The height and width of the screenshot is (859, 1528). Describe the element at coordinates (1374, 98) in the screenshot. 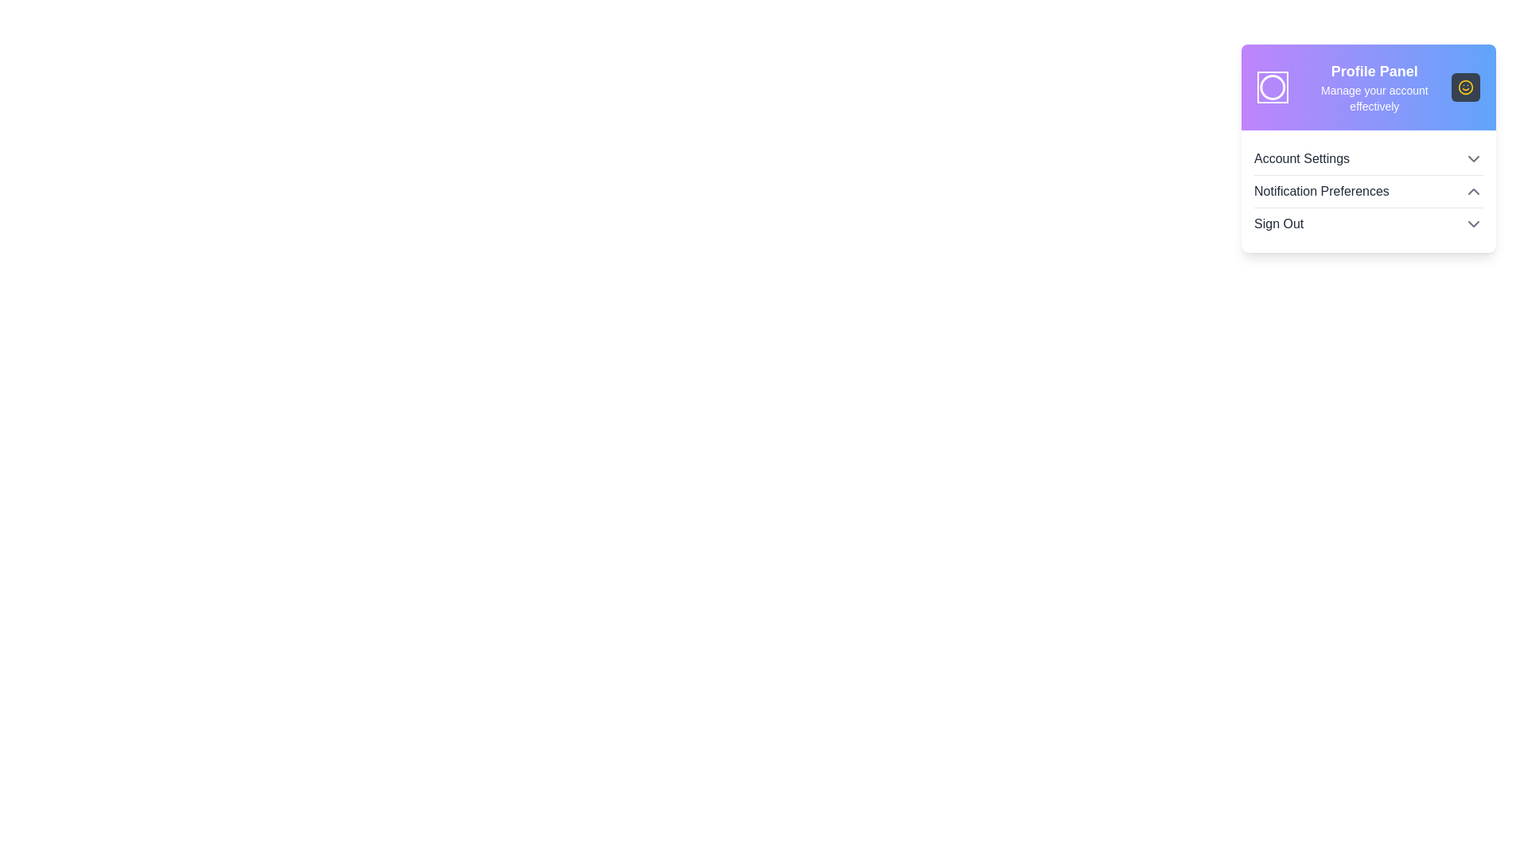

I see `descriptive text located directly below the 'Profile Panel' heading in the account management section of the interface` at that location.